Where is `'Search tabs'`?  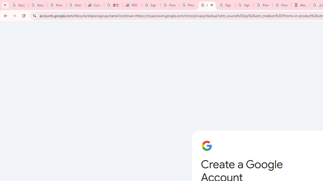 'Search tabs' is located at coordinates (5, 5).